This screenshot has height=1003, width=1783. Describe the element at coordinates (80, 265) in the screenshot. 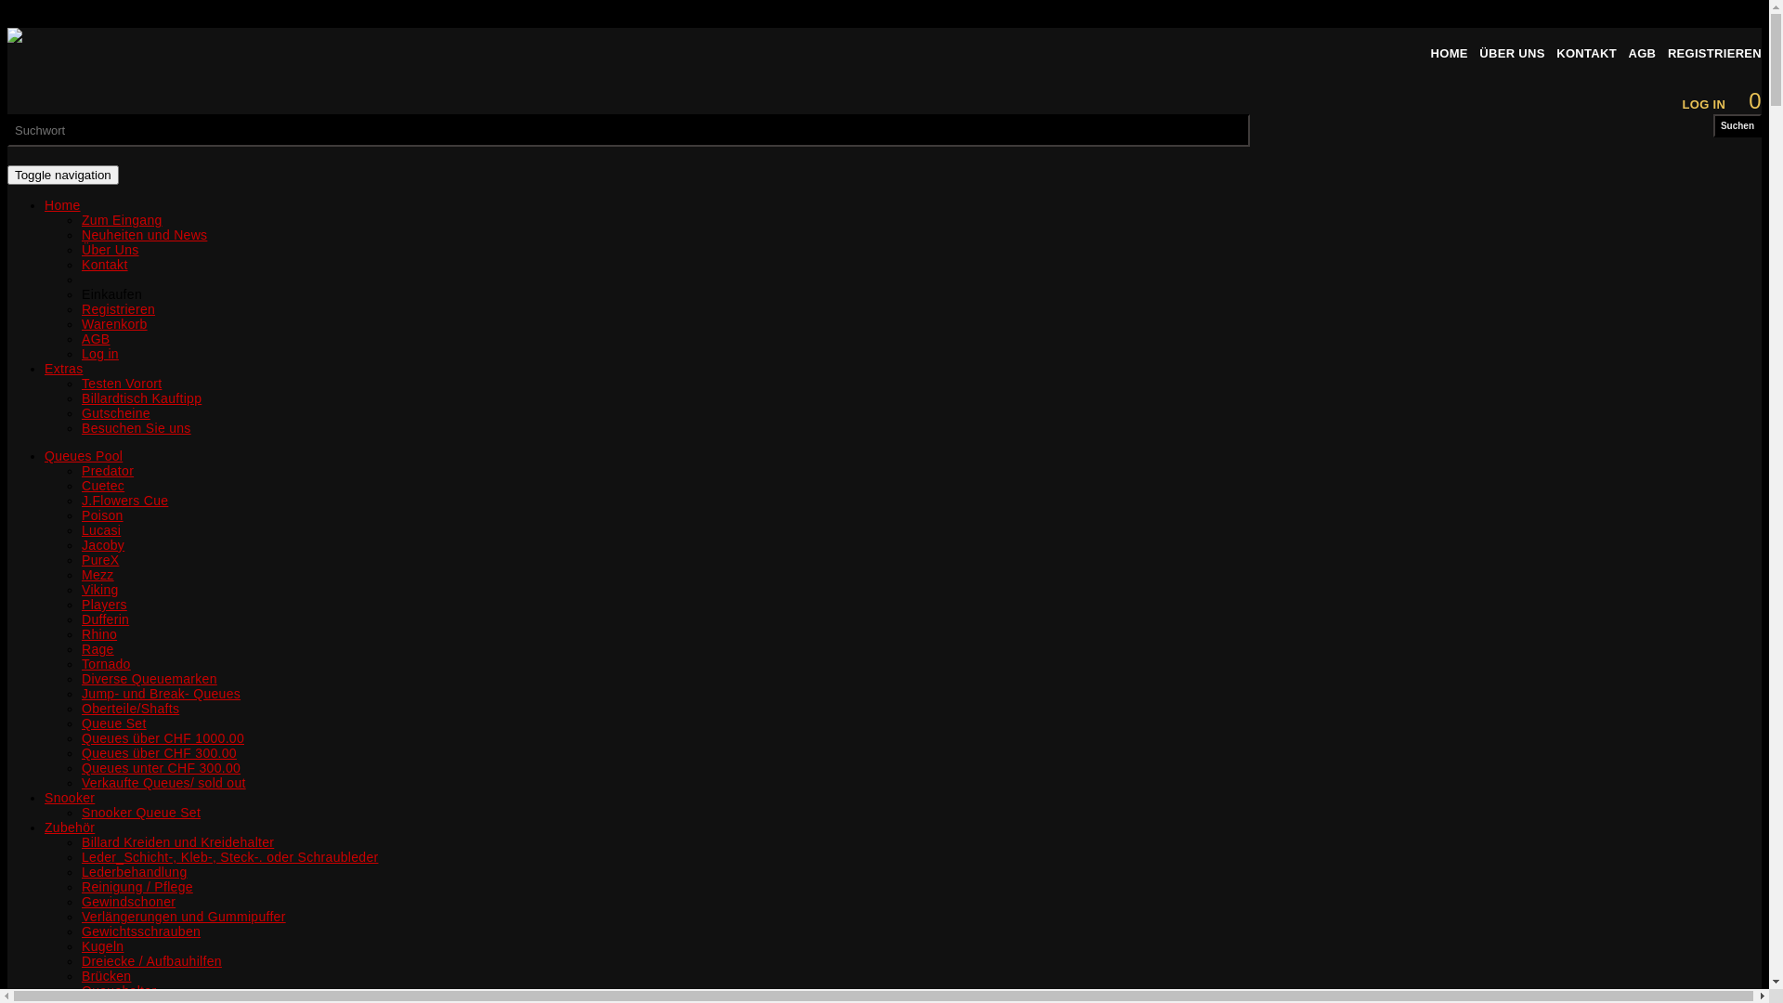

I see `'Kontakt'` at that location.